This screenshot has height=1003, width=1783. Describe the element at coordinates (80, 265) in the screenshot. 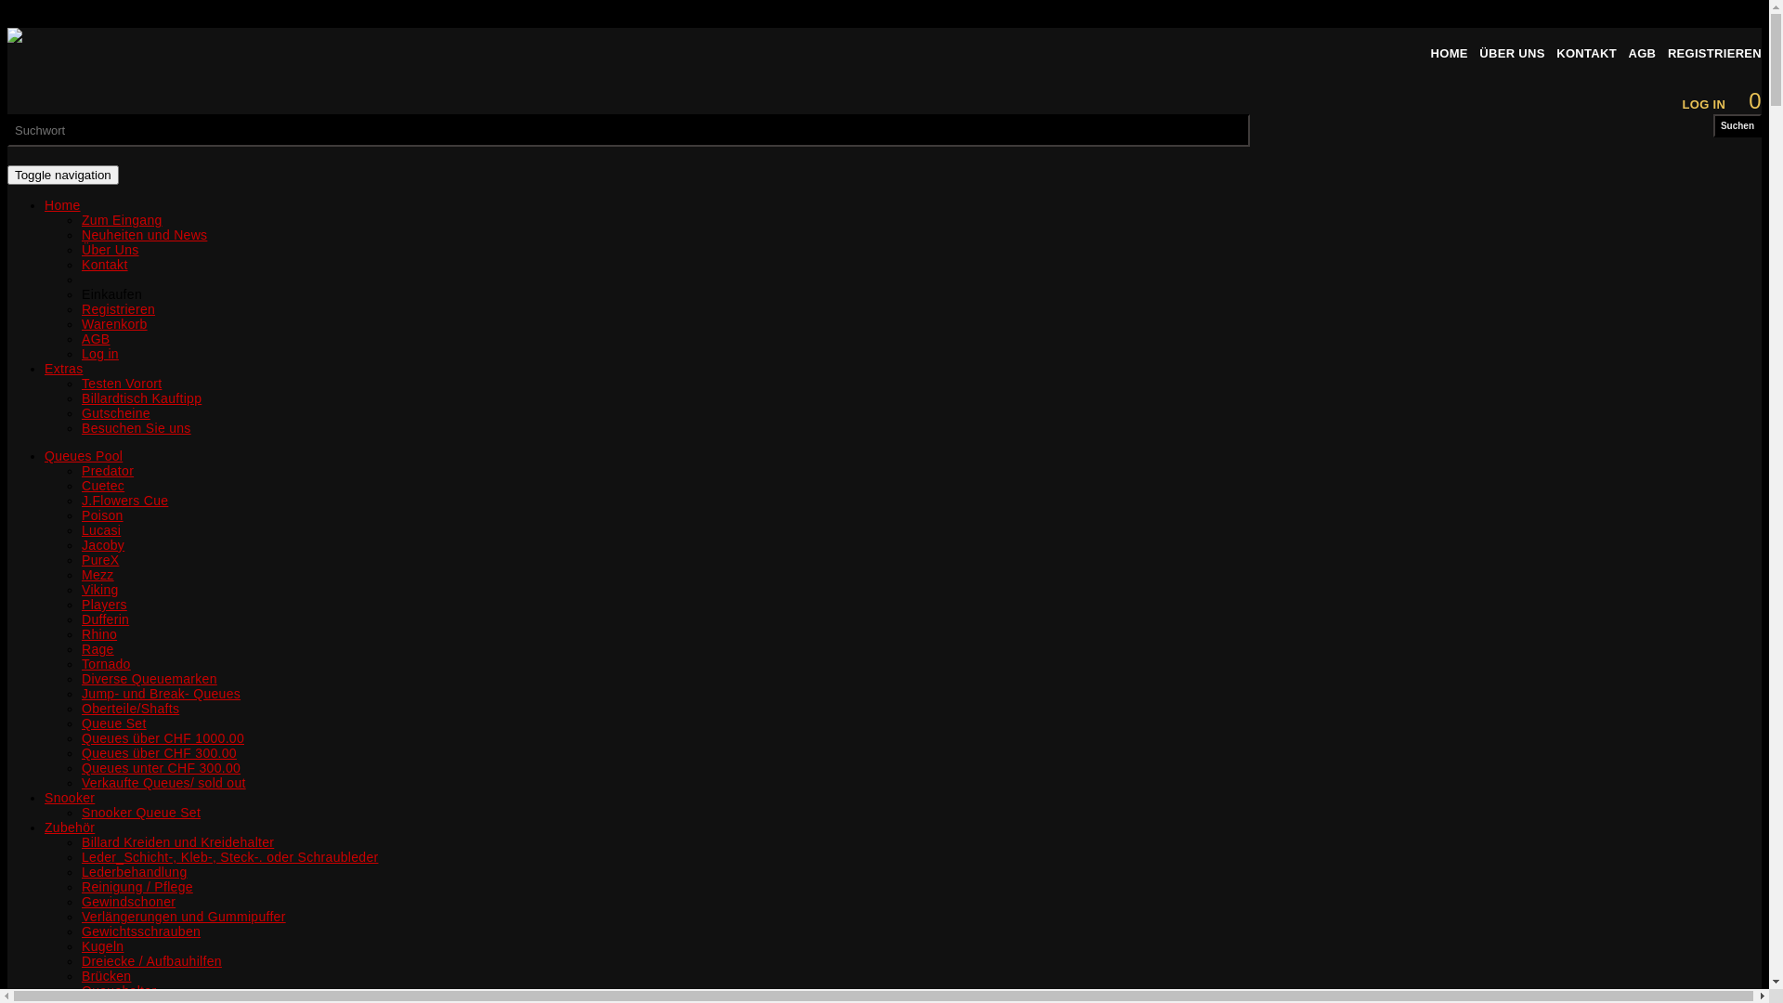

I see `'Kontakt'` at that location.